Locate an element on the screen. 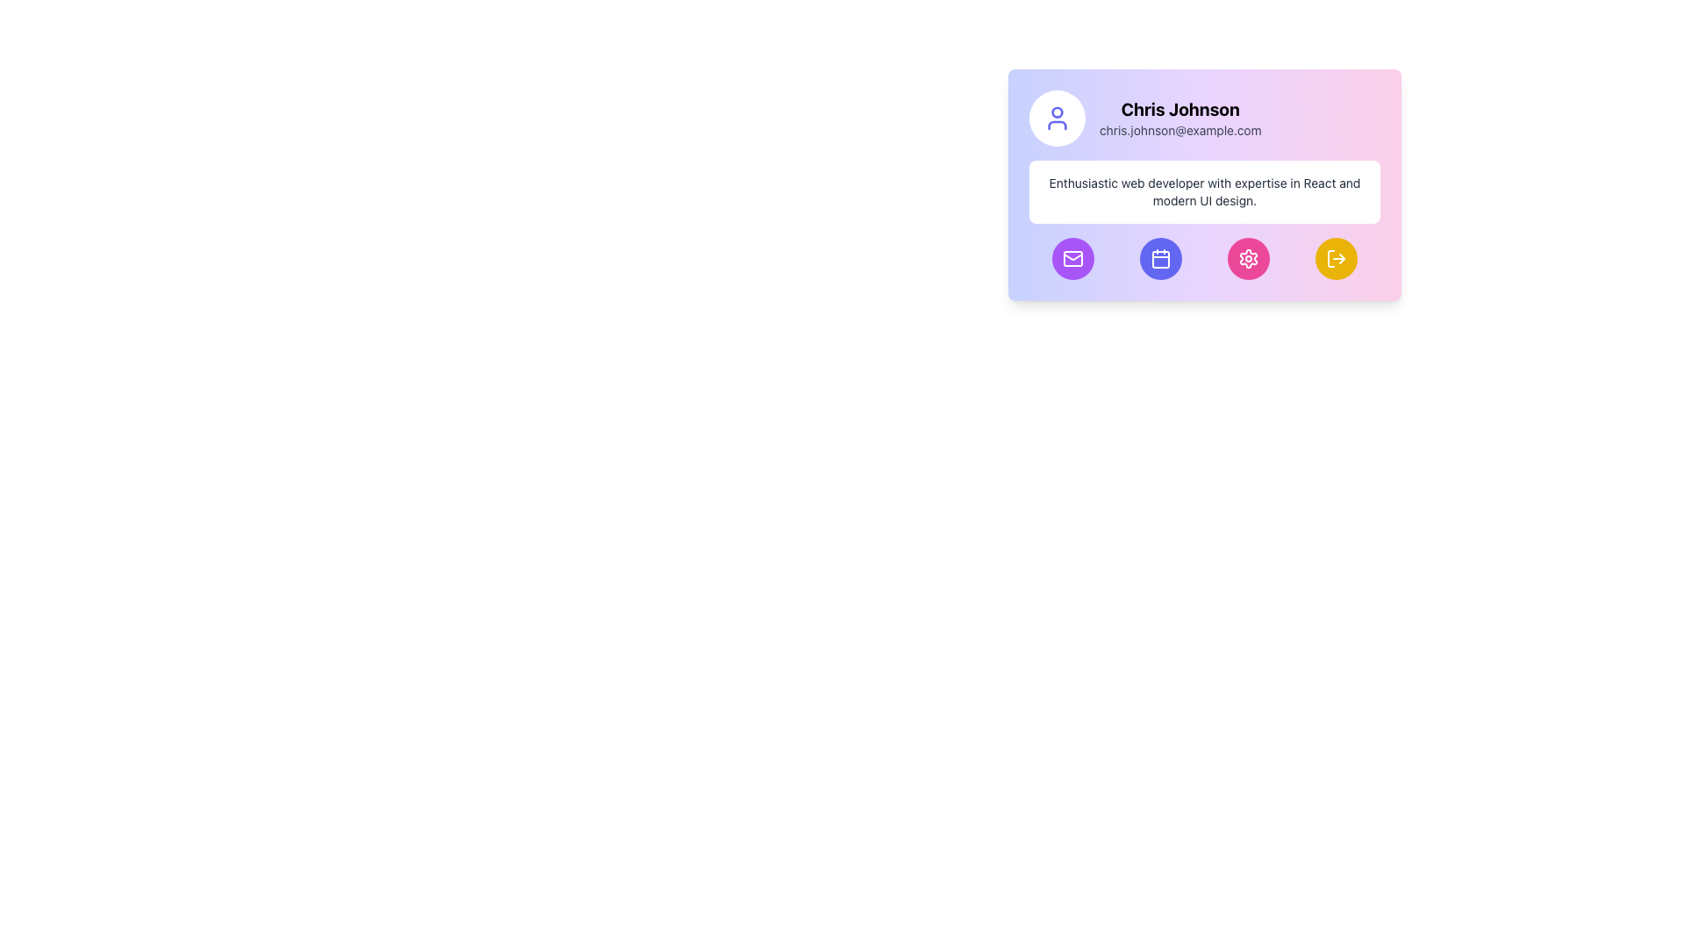 The width and height of the screenshot is (1685, 948). the 'Settings' icon is located at coordinates (1247, 258).